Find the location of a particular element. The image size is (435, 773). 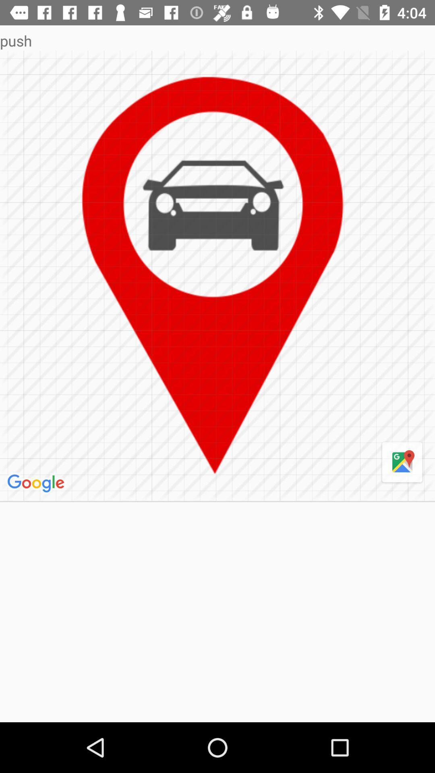

icon below the push item is located at coordinates (217, 276).